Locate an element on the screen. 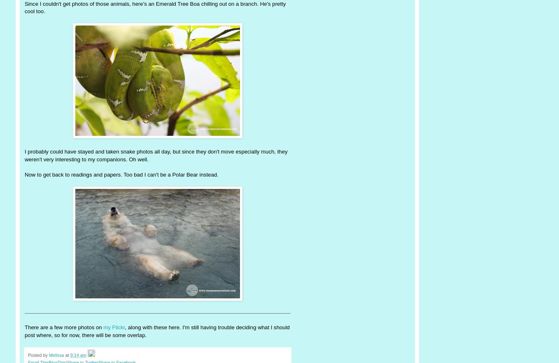 The image size is (559, 363). 'Now to get back to readings and papers. Too bad I can't be a Polar Bear instead.' is located at coordinates (25, 174).